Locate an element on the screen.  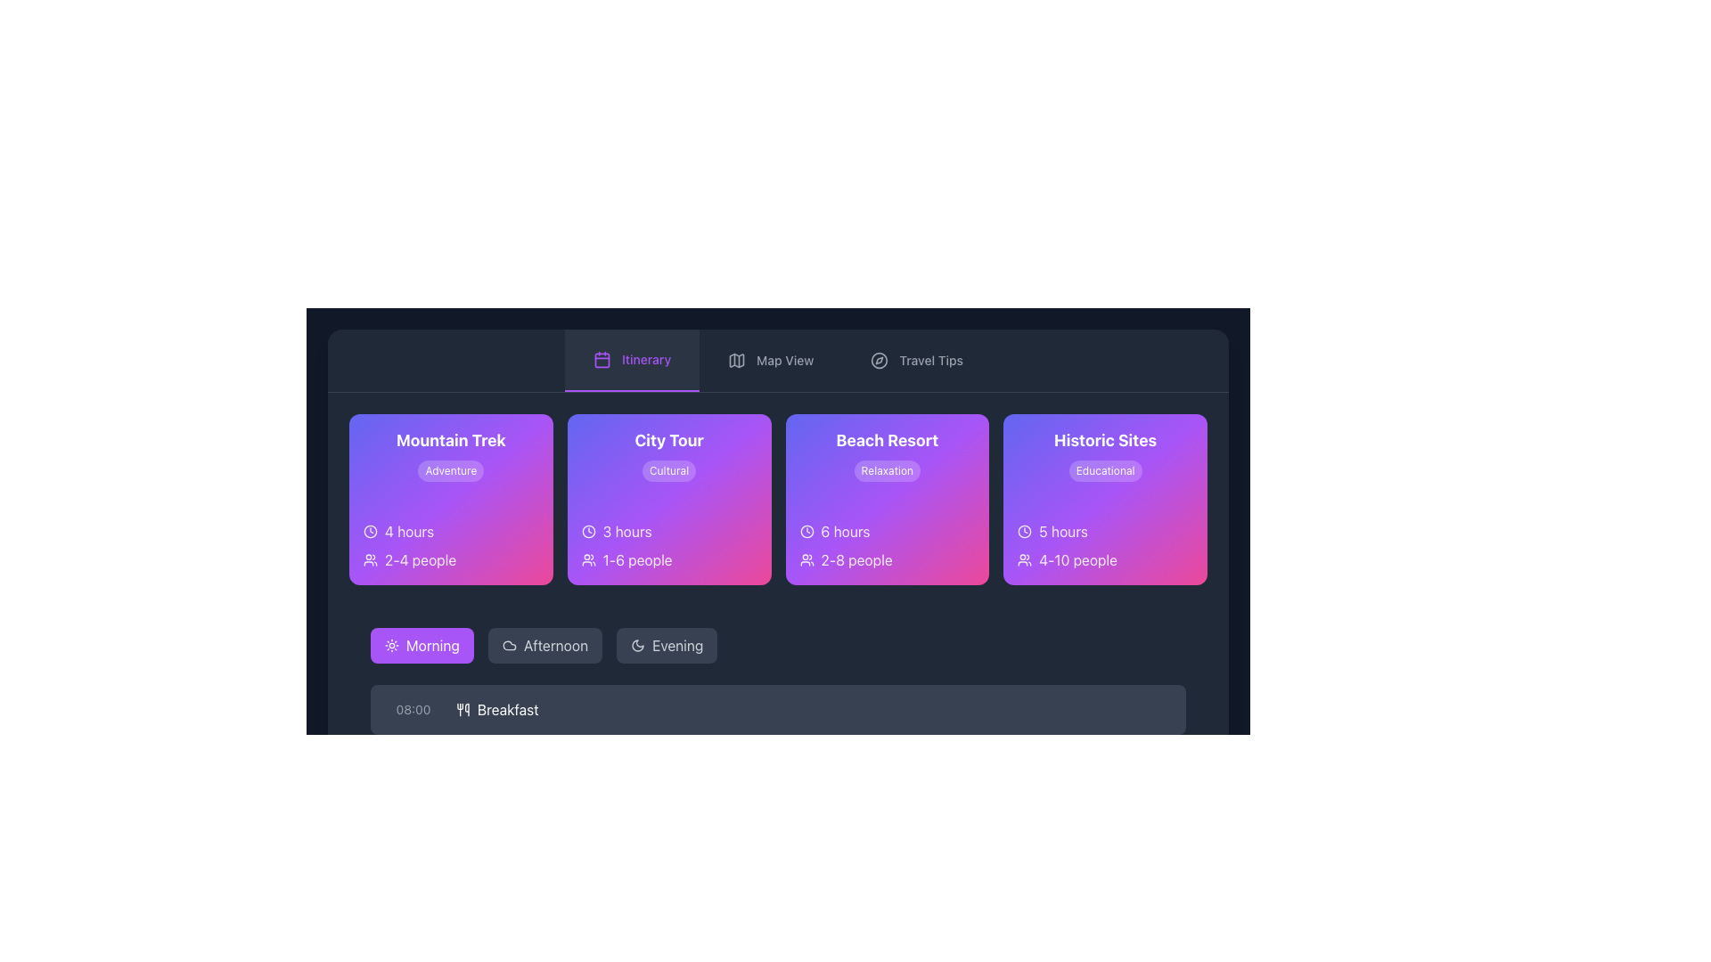
the 'Travel Tips' Text Label (Navigation Item) is located at coordinates (930, 361).